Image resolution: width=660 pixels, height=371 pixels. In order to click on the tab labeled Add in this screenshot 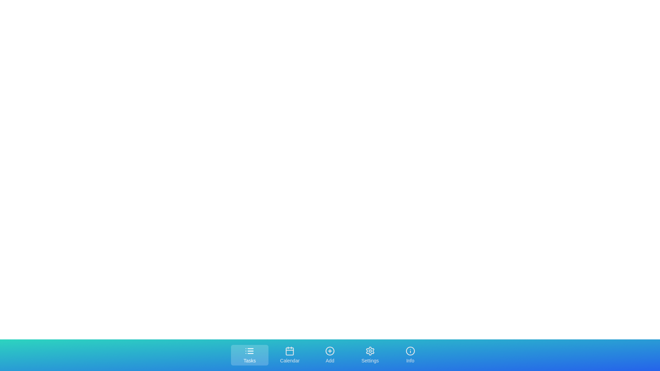, I will do `click(330, 355)`.